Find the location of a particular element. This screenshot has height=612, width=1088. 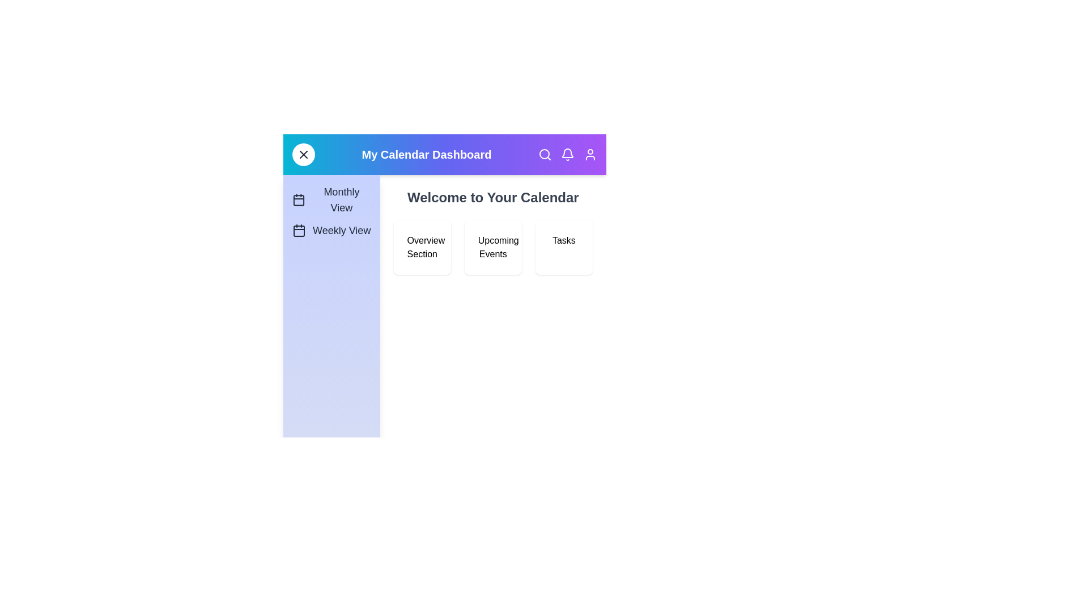

the bell icon in the top-right corner of the interface is located at coordinates (568, 153).